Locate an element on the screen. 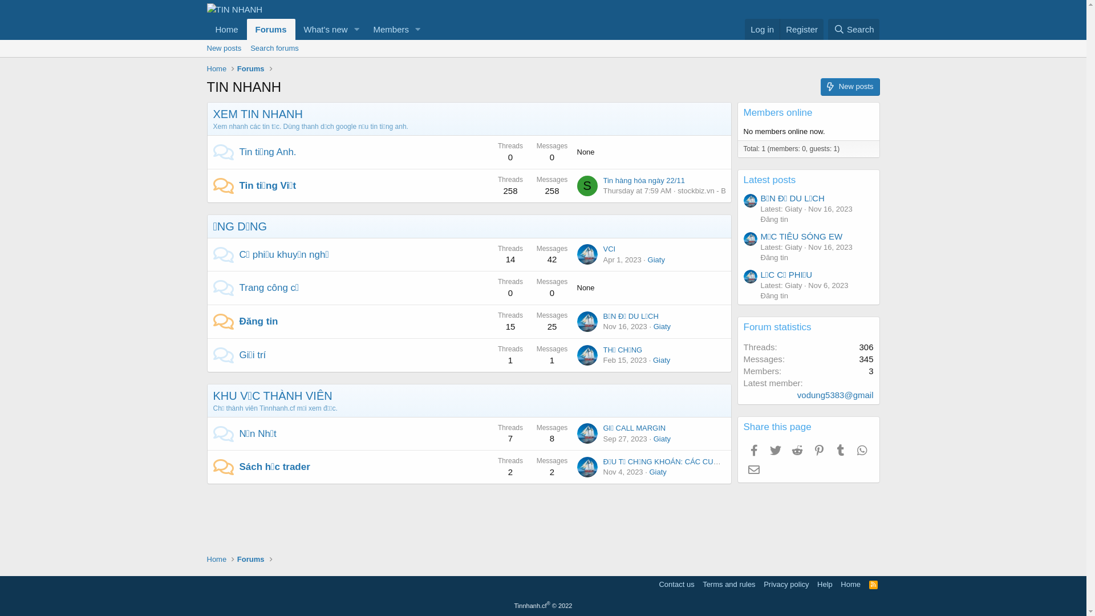  'Giaty' is located at coordinates (656, 260).